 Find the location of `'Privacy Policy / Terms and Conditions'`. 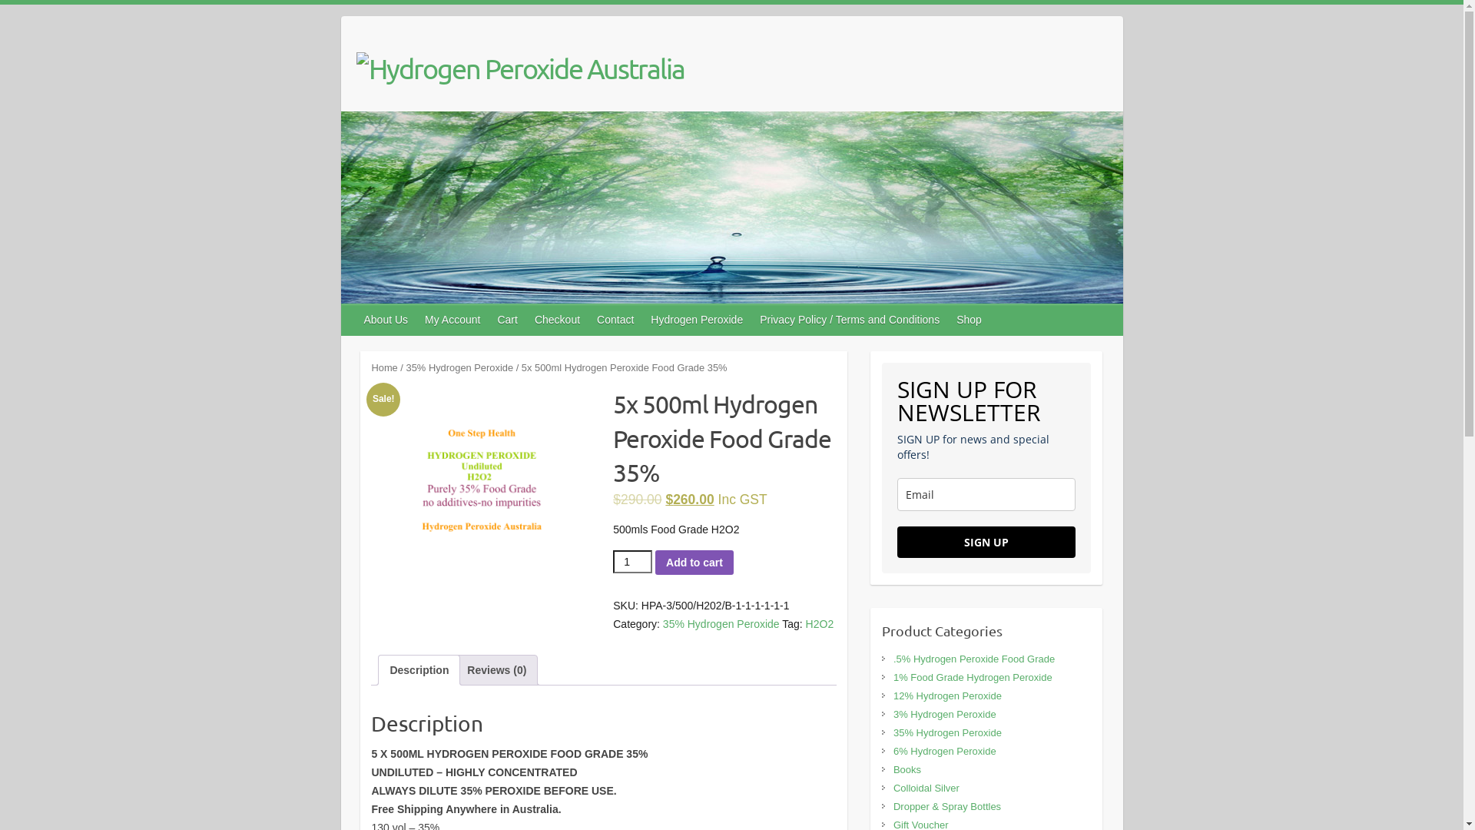

'Privacy Policy / Terms and Conditions' is located at coordinates (850, 319).